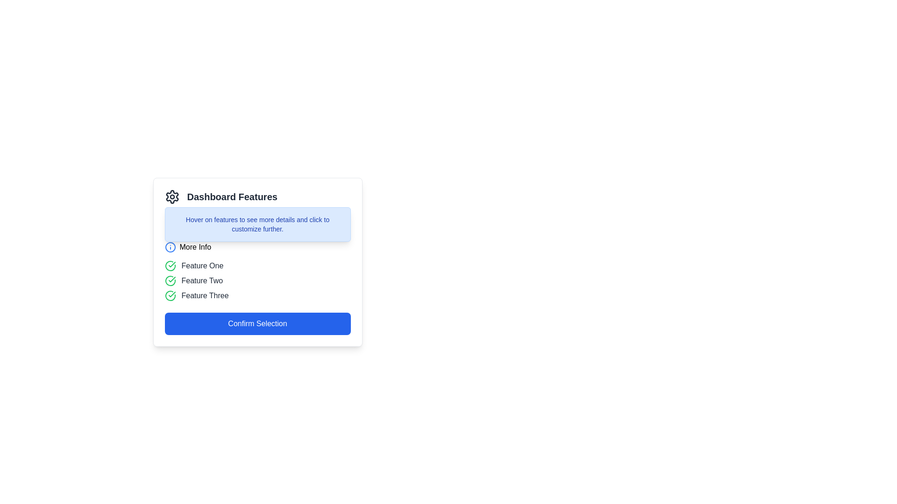  I want to click on the informational tooltip with text 'Hover on features, so click(257, 224).